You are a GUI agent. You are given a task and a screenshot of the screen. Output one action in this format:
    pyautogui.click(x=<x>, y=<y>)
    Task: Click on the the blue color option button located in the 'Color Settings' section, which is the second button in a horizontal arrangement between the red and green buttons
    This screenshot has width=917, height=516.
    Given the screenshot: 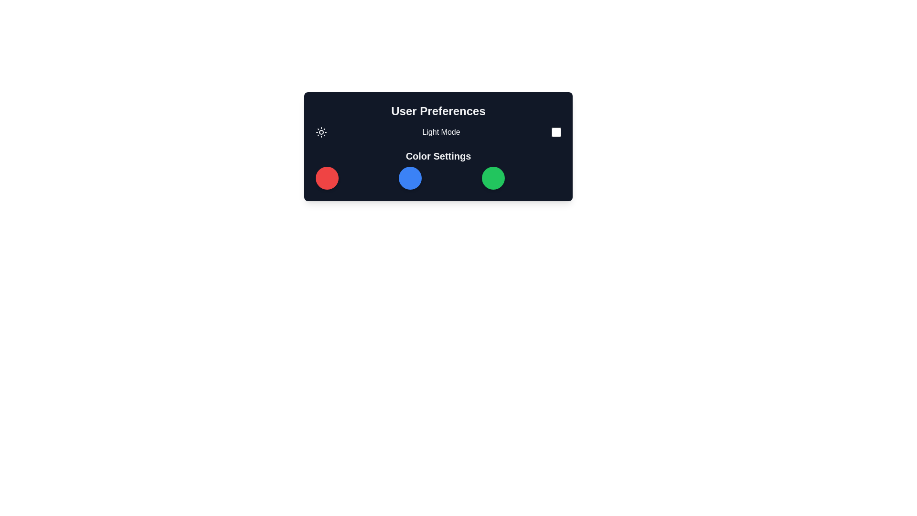 What is the action you would take?
    pyautogui.click(x=410, y=178)
    